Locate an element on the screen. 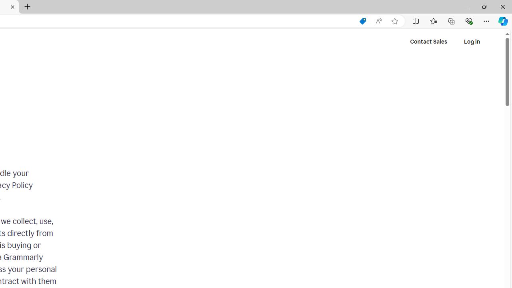 The width and height of the screenshot is (512, 288). 'Contact Sales' is located at coordinates (428, 42).